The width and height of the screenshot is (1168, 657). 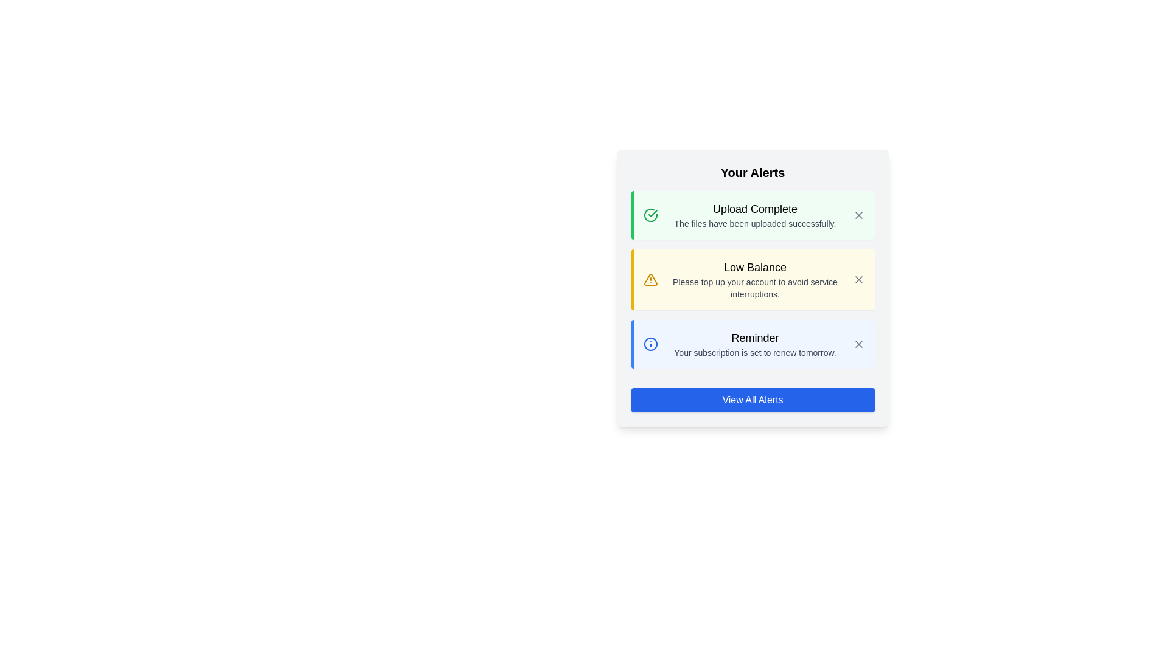 What do you see at coordinates (754, 338) in the screenshot?
I see `the title text of the reminder notification located in the alert panel, which provides a quick overview of the notification type` at bounding box center [754, 338].